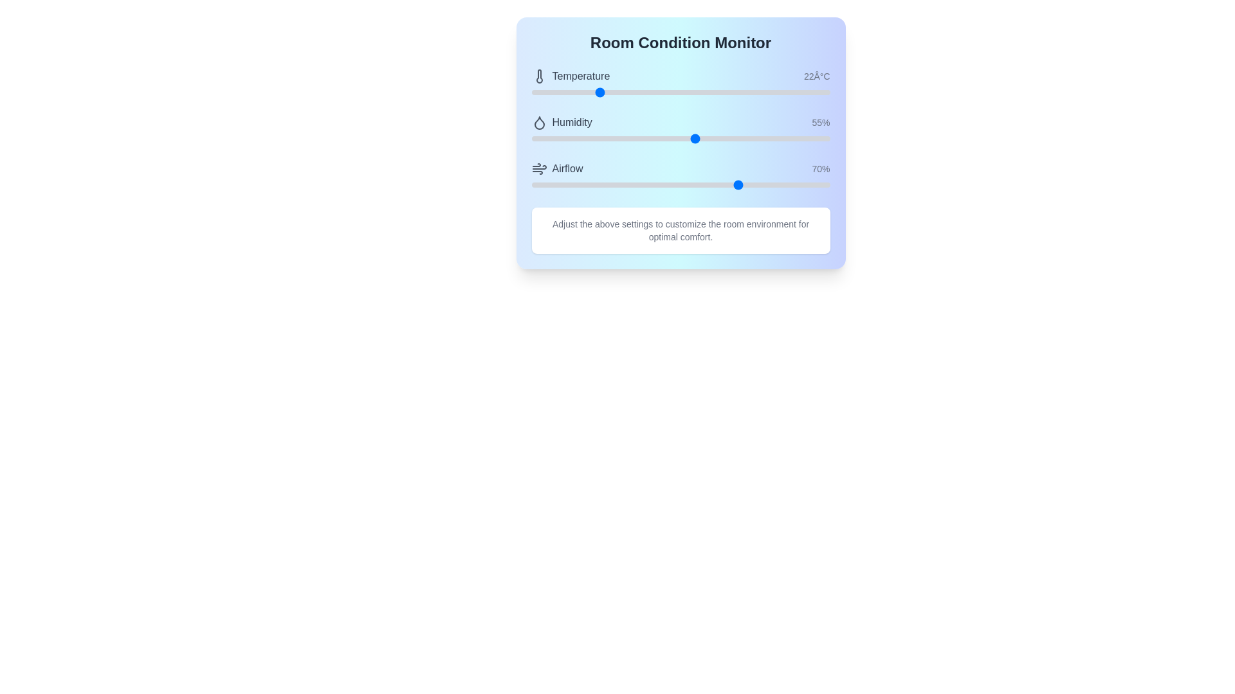 This screenshot has width=1235, height=694. What do you see at coordinates (816, 76) in the screenshot?
I see `displayed temperature information from the Text label showing '22Â°C', which is located in the 'Temperature' section of the 'Room Condition Monitor' interface, aligned to the right end next to the 'Temperature' label and thermometer icon` at bounding box center [816, 76].